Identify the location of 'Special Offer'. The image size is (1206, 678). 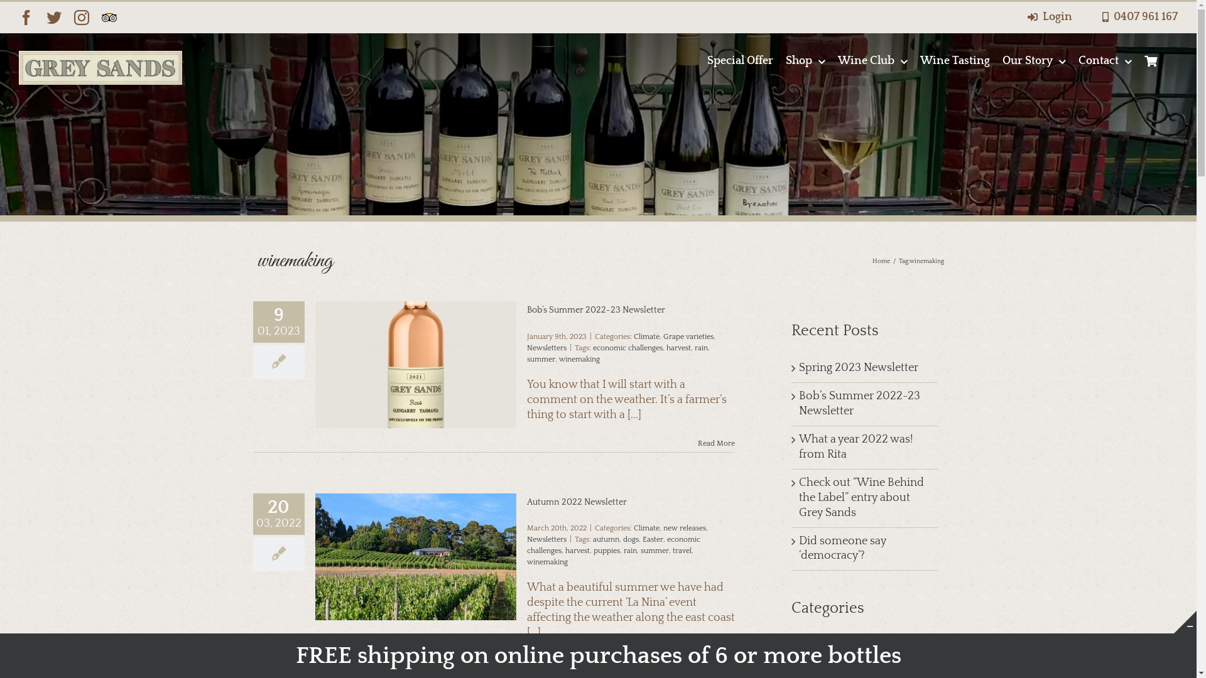
(740, 68).